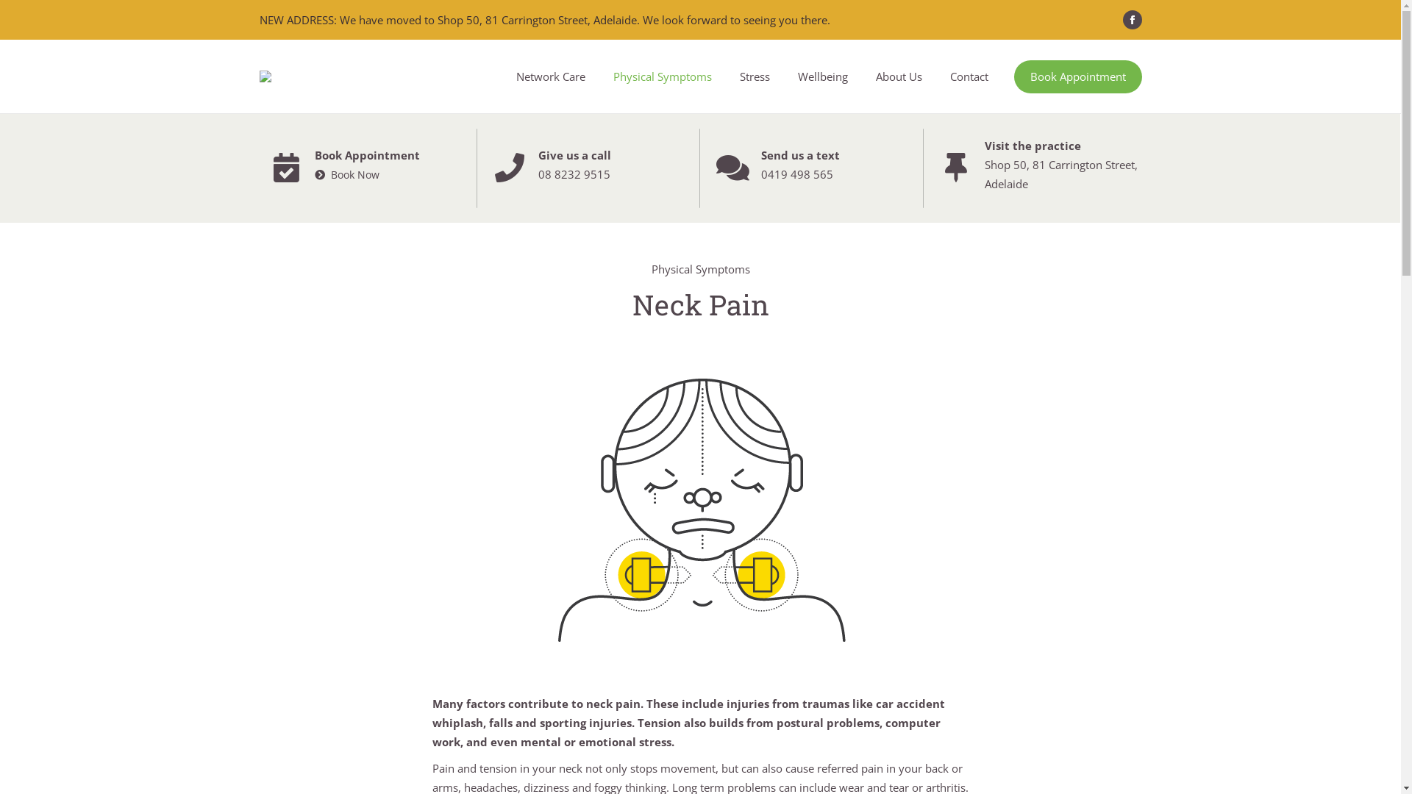 The height and width of the screenshot is (794, 1412). Describe the element at coordinates (754, 76) in the screenshot. I see `'Stress'` at that location.